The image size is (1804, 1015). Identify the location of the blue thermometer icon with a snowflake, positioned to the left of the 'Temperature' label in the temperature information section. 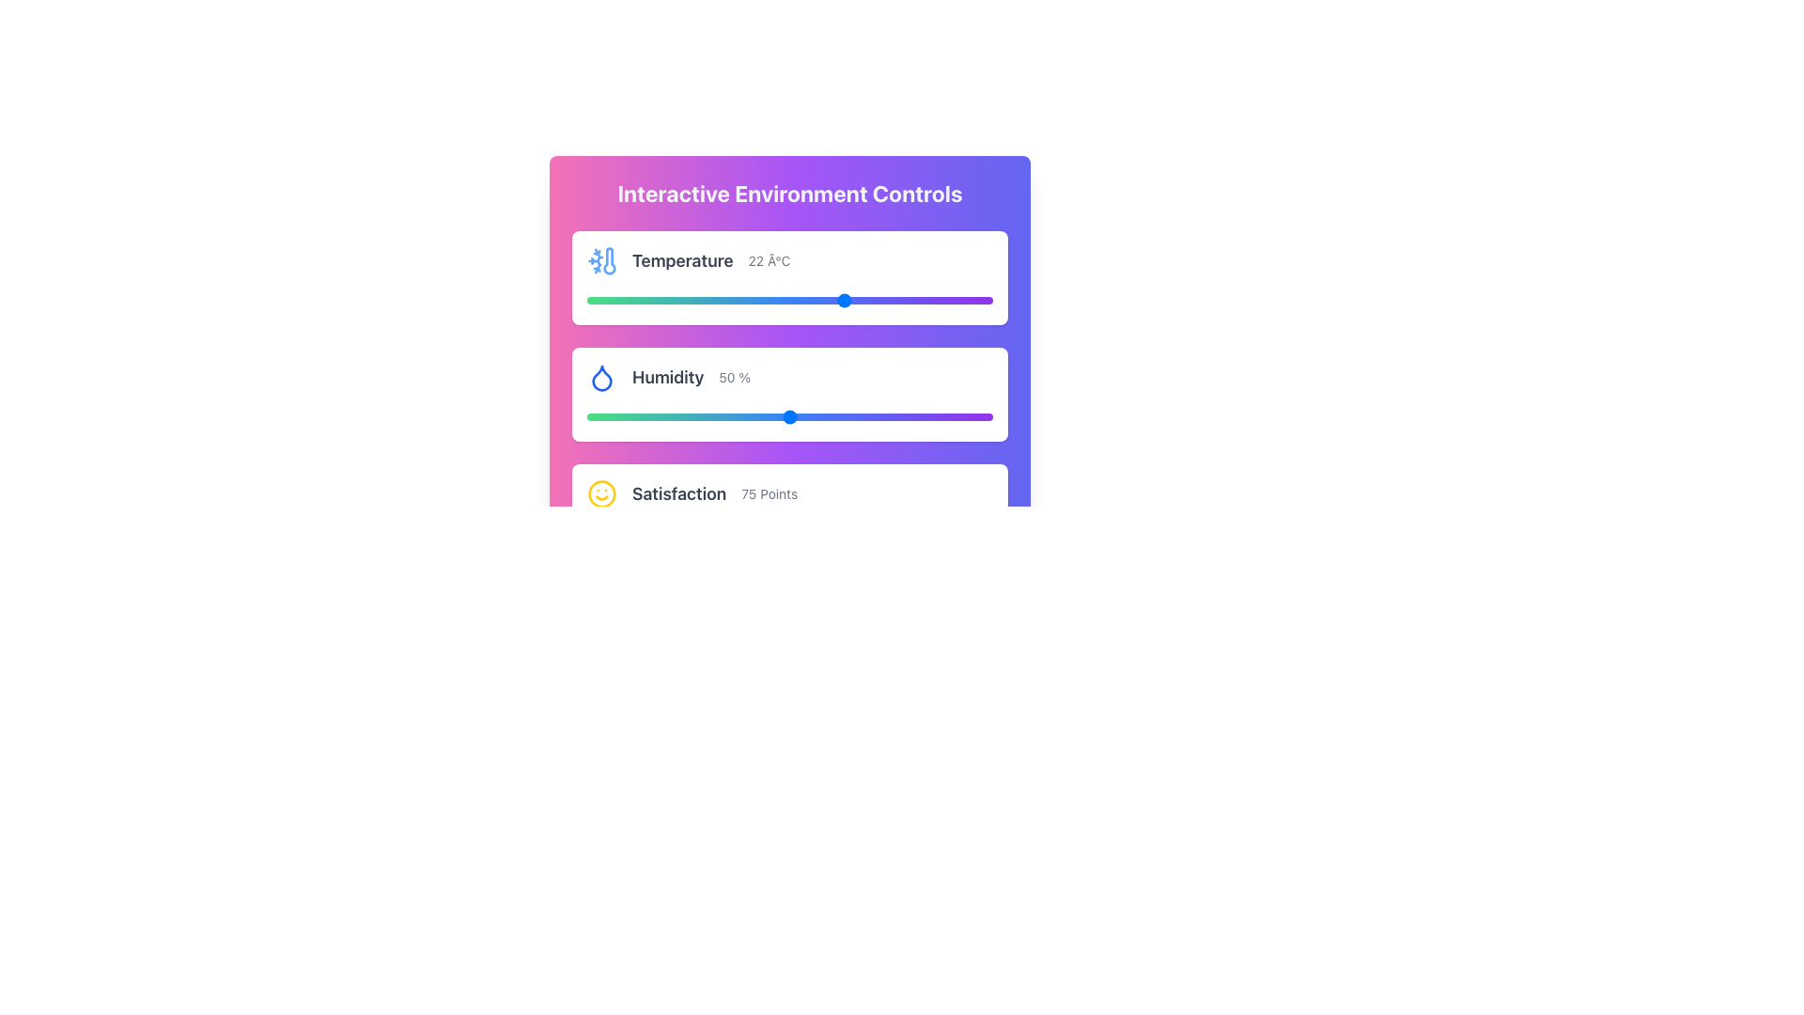
(602, 260).